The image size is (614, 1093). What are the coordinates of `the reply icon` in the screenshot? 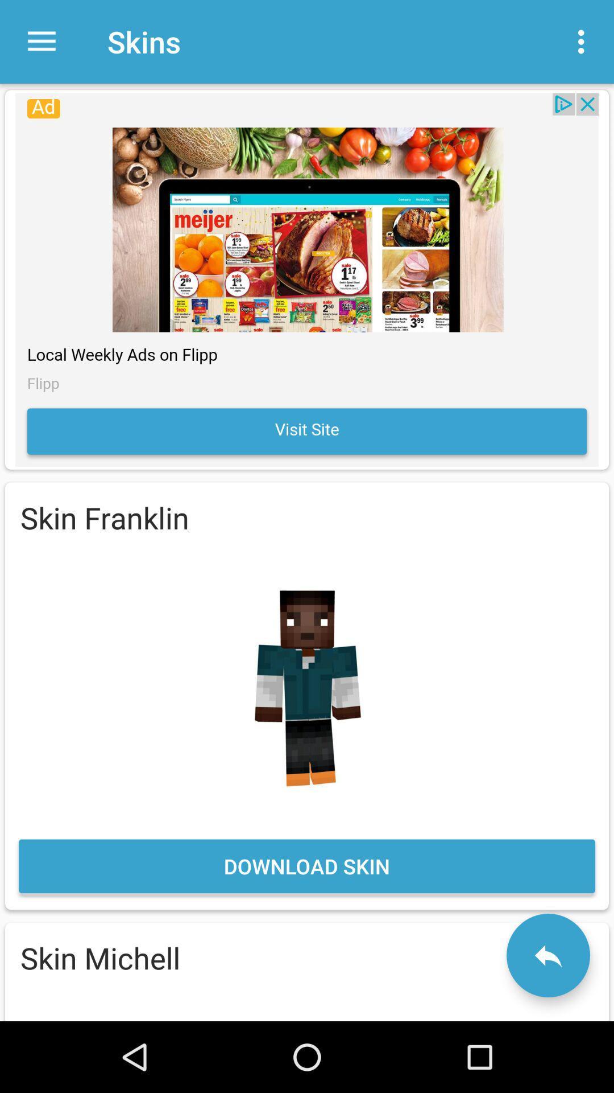 It's located at (547, 955).